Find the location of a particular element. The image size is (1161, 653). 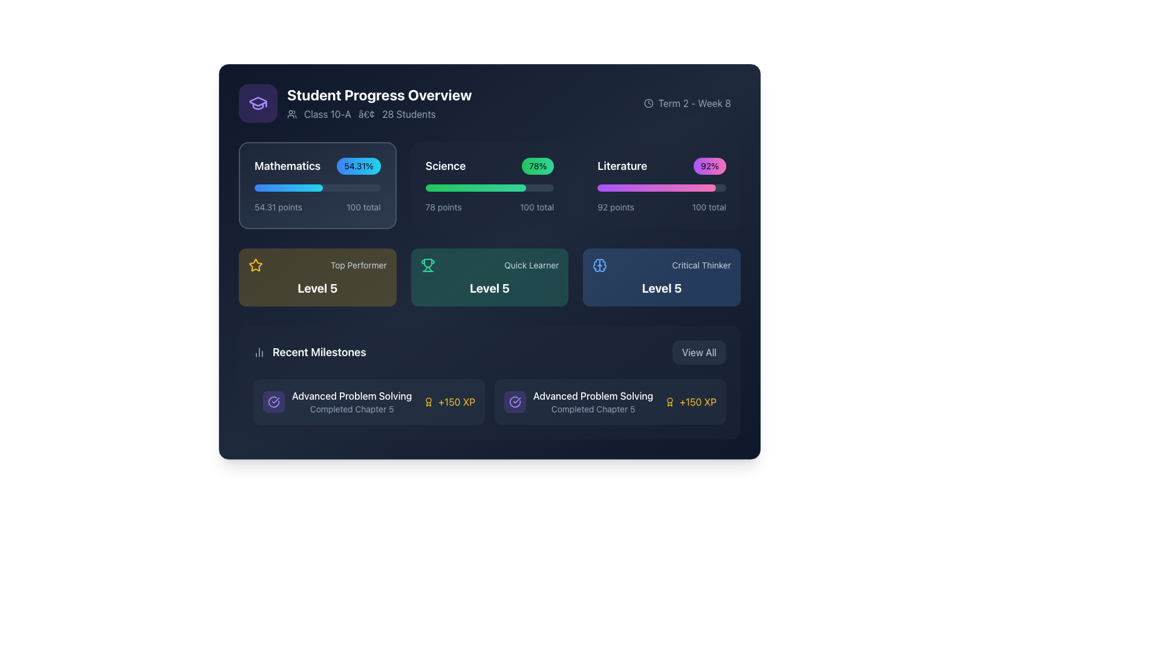

the button located in the upper-right corner of the 'Recent Milestones' section is located at coordinates (699, 352).